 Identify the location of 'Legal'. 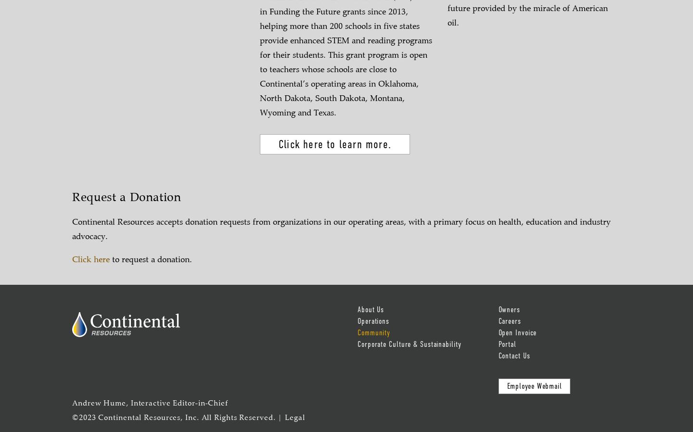
(294, 418).